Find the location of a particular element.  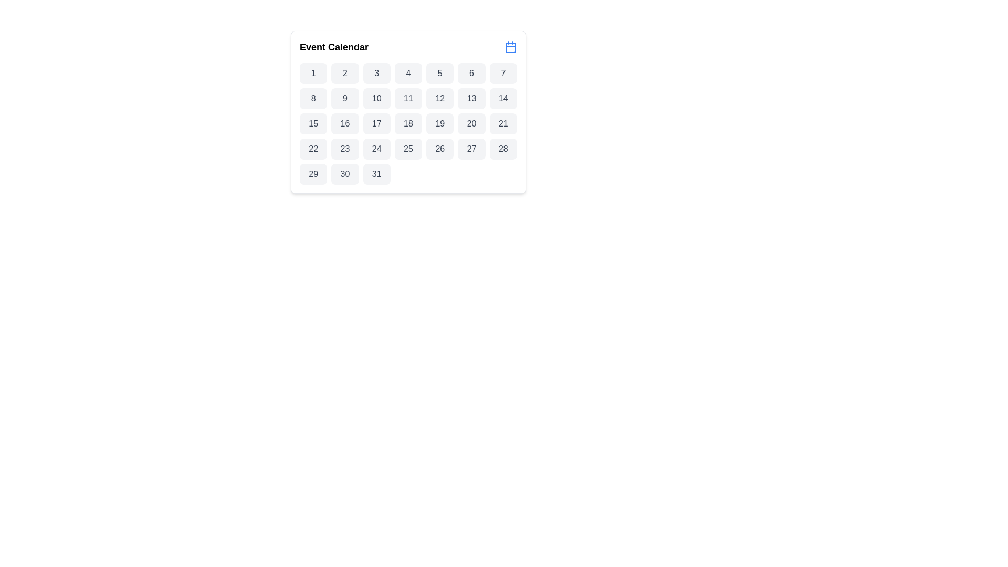

the calendar cell button labeled '3' is located at coordinates (376, 72).